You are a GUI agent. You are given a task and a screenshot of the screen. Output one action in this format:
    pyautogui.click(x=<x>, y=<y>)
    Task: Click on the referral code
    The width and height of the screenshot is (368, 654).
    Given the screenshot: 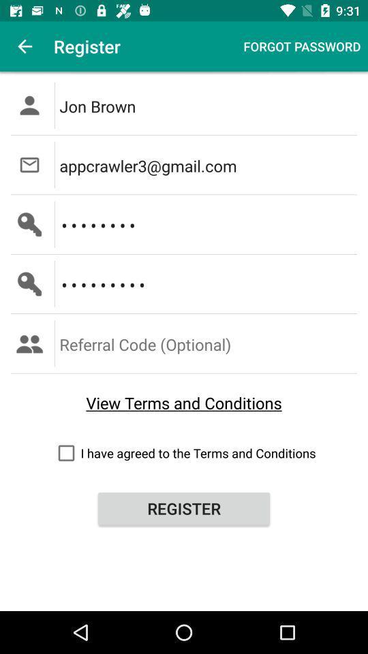 What is the action you would take?
    pyautogui.click(x=209, y=343)
    